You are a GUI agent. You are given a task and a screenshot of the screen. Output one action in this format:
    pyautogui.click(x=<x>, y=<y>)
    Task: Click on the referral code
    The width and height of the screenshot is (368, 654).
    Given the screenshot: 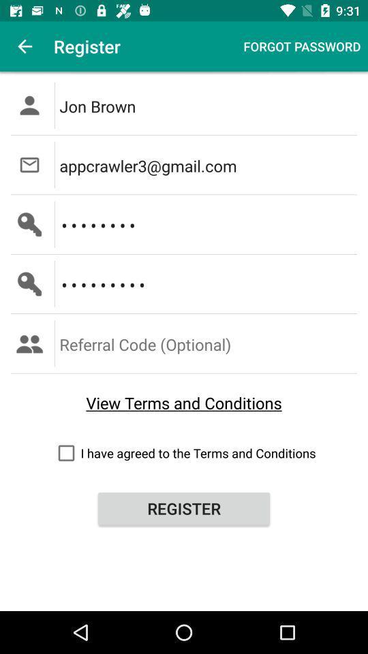 What is the action you would take?
    pyautogui.click(x=209, y=343)
    